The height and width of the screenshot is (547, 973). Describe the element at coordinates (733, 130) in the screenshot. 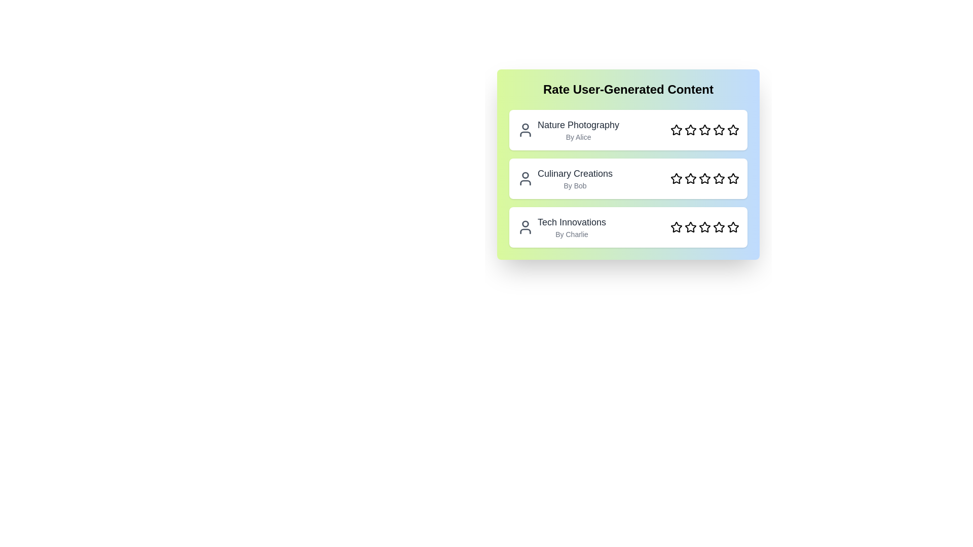

I see `the star corresponding to the rating 5 for the content Nature Photography` at that location.